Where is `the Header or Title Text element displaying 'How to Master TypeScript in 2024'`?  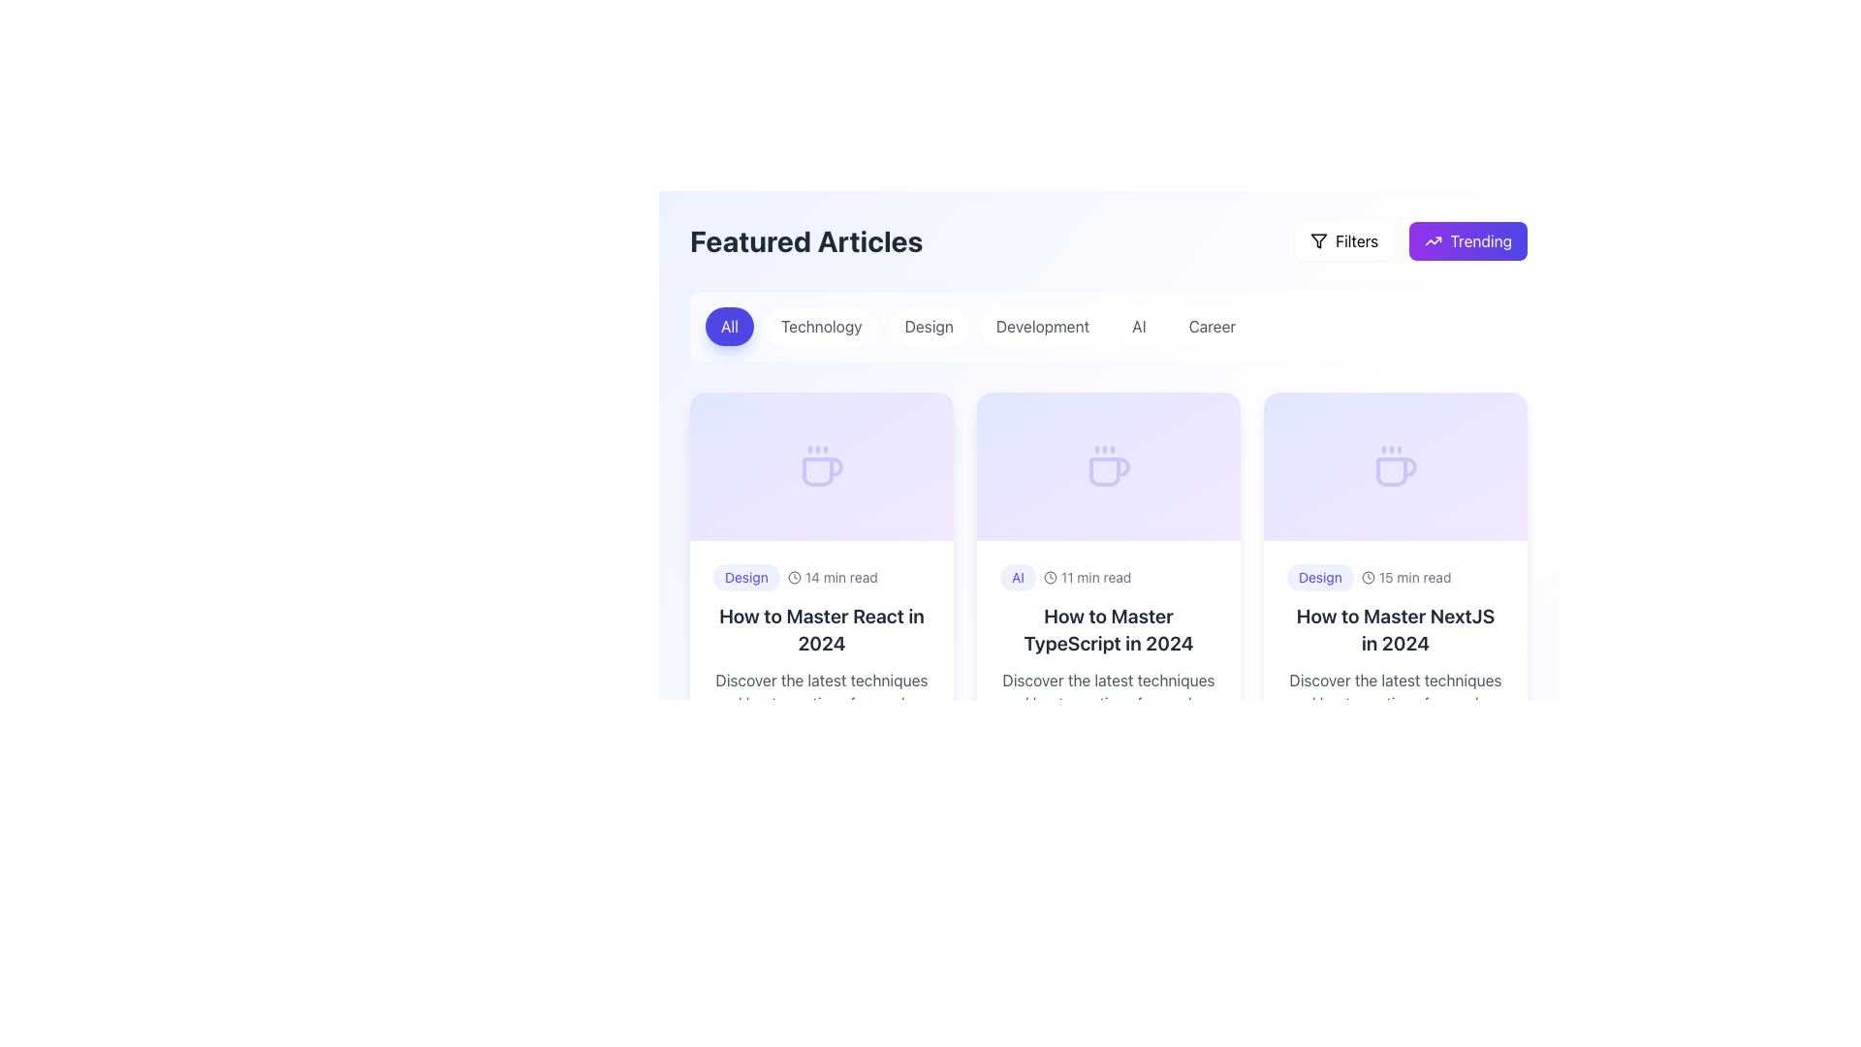
the Header or Title Text element displaying 'How to Master TypeScript in 2024' is located at coordinates (1108, 630).